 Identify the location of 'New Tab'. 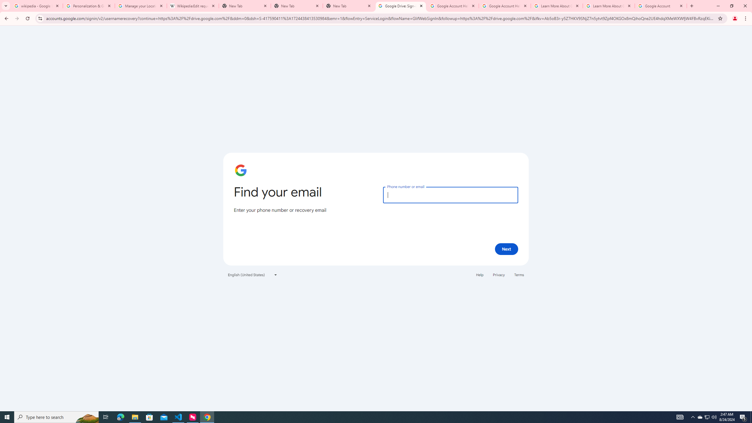
(348, 6).